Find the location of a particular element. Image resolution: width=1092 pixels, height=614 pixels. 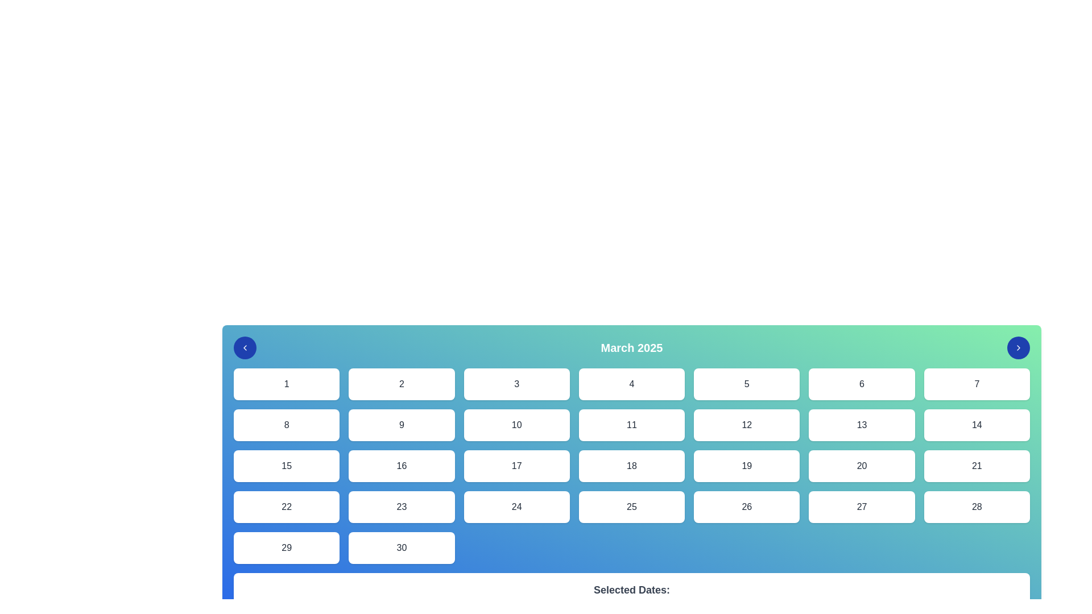

the chevron icon located is located at coordinates (1018, 347).